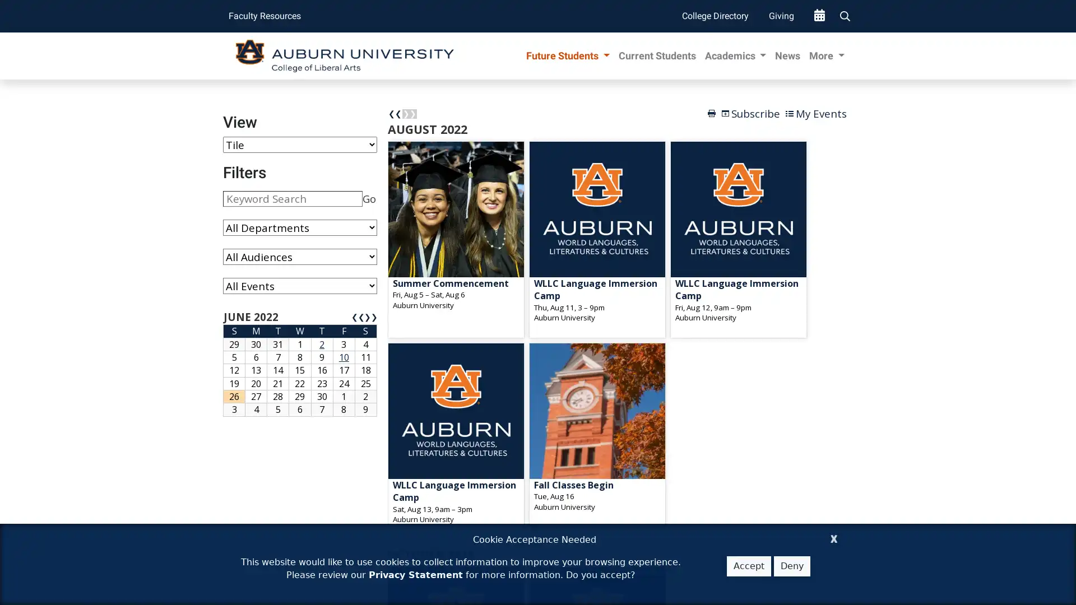 The image size is (1076, 605). I want to click on Accept, so click(749, 566).